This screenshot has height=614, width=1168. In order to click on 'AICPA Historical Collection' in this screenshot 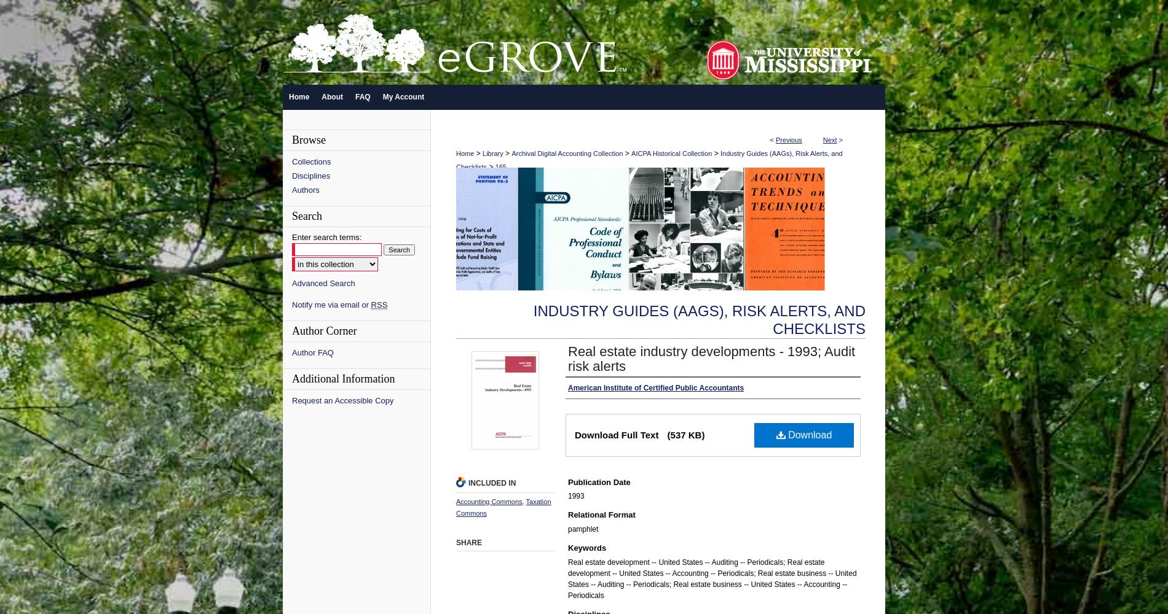, I will do `click(671, 153)`.